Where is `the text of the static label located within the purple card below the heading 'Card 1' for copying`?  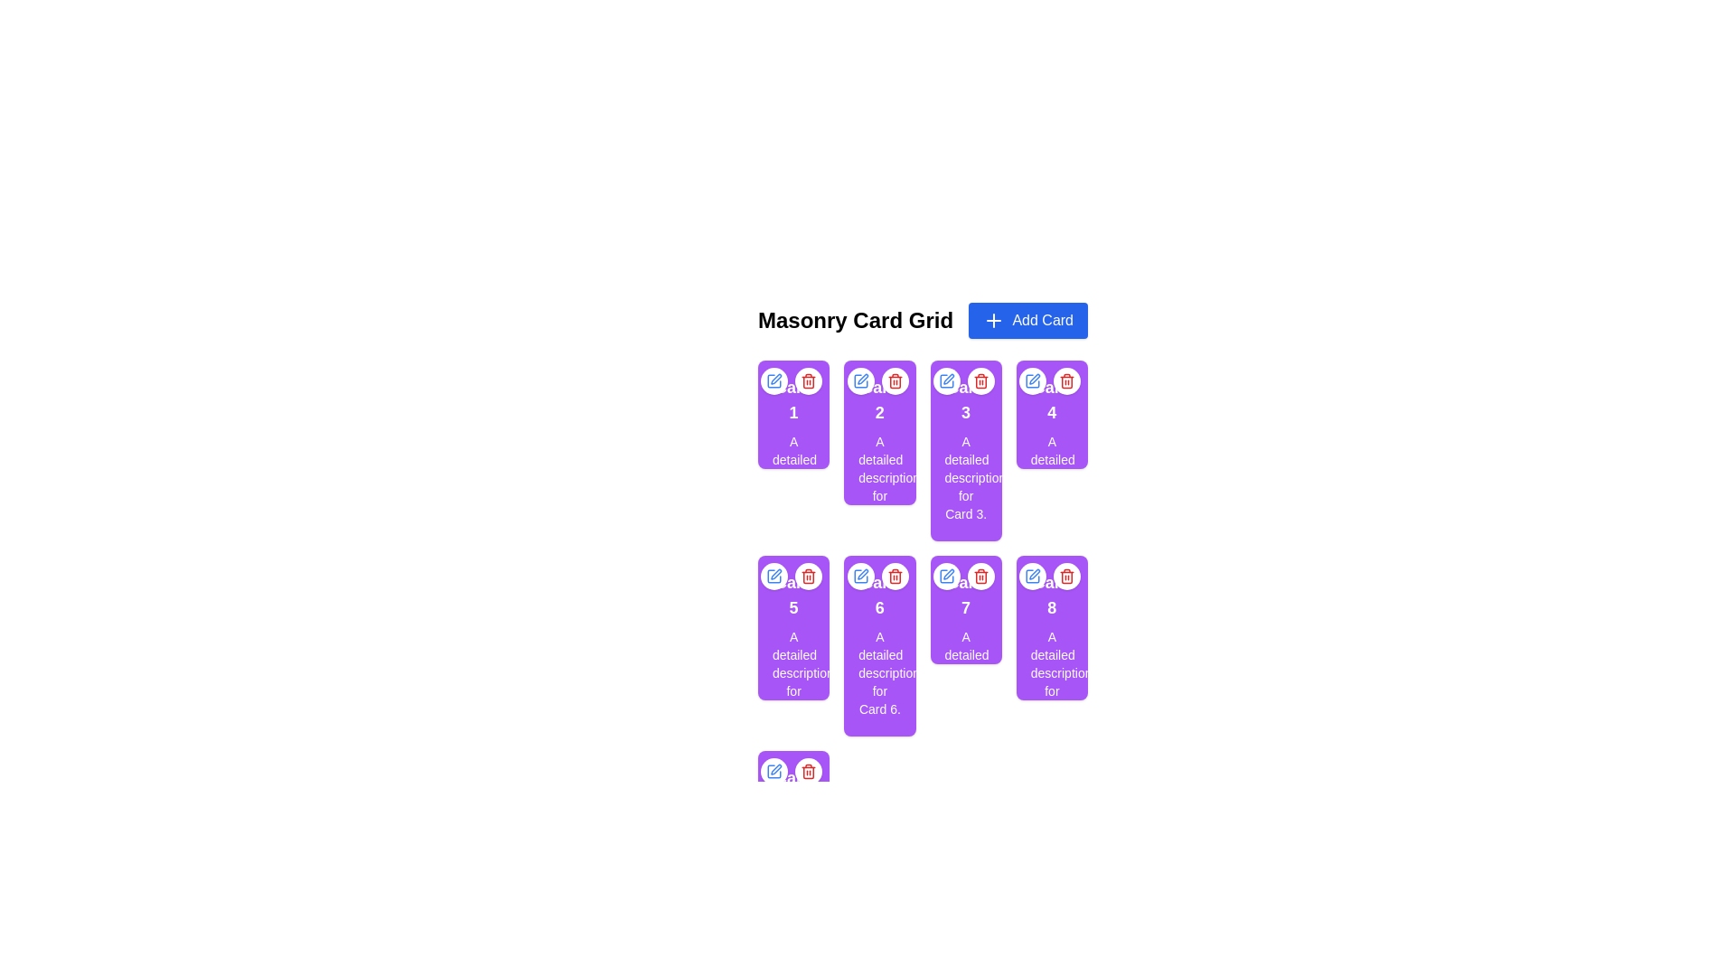
the text of the static label located within the purple card below the heading 'Card 1' for copying is located at coordinates (793, 476).